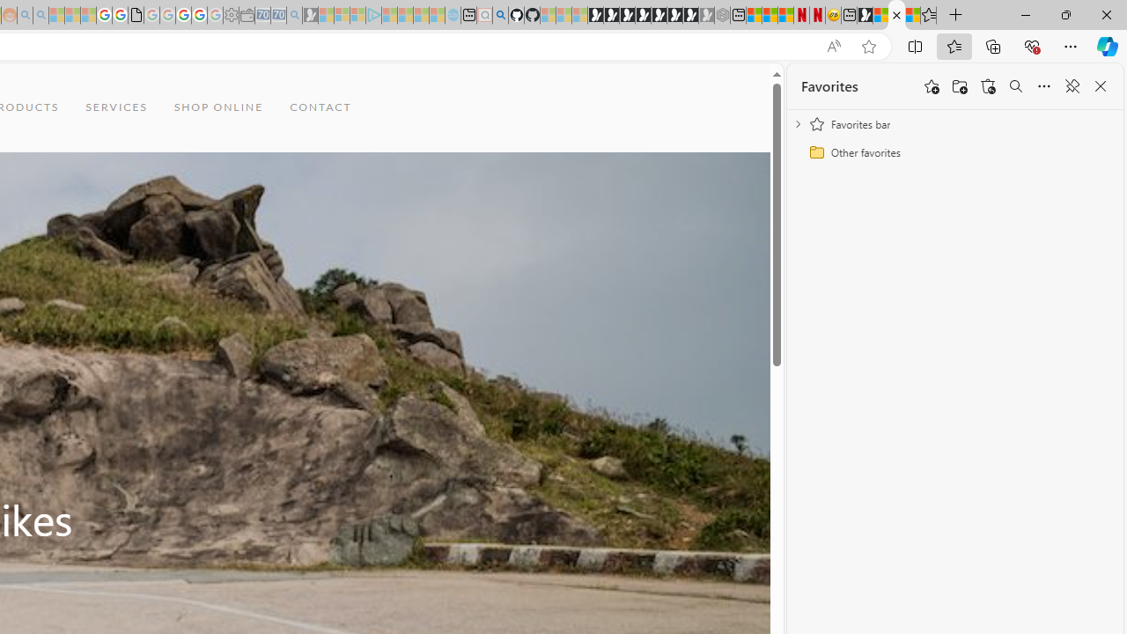  Describe the element at coordinates (988, 86) in the screenshot. I see `'Restore deleted favorites'` at that location.